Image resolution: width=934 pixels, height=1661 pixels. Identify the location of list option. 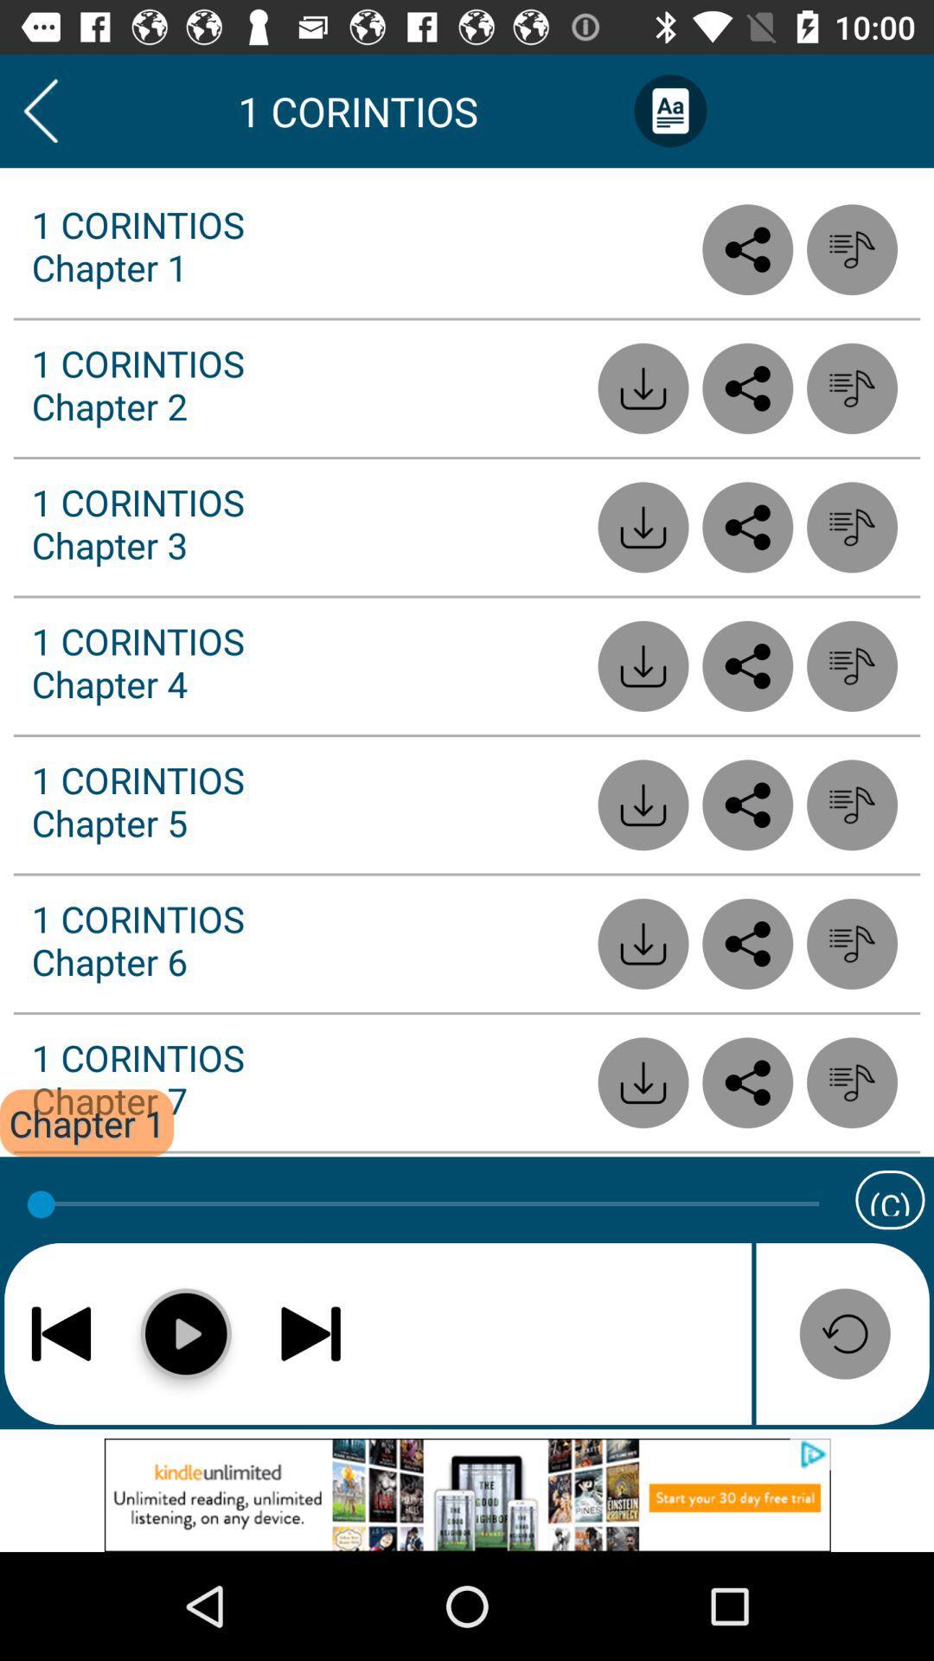
(851, 1081).